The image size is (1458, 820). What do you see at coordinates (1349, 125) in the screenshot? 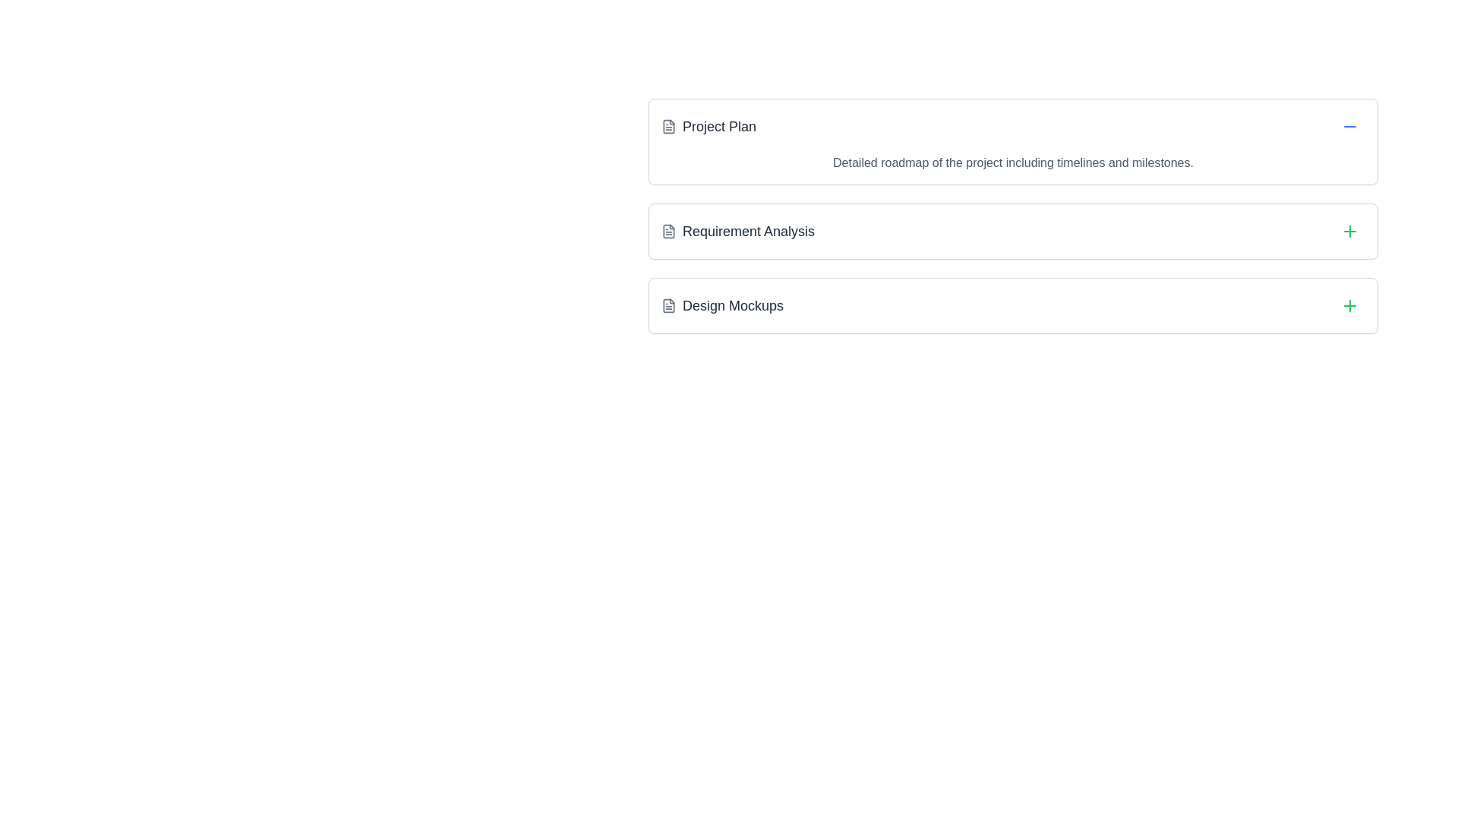
I see `the button located at the far right of the 'Project Plan' section` at bounding box center [1349, 125].